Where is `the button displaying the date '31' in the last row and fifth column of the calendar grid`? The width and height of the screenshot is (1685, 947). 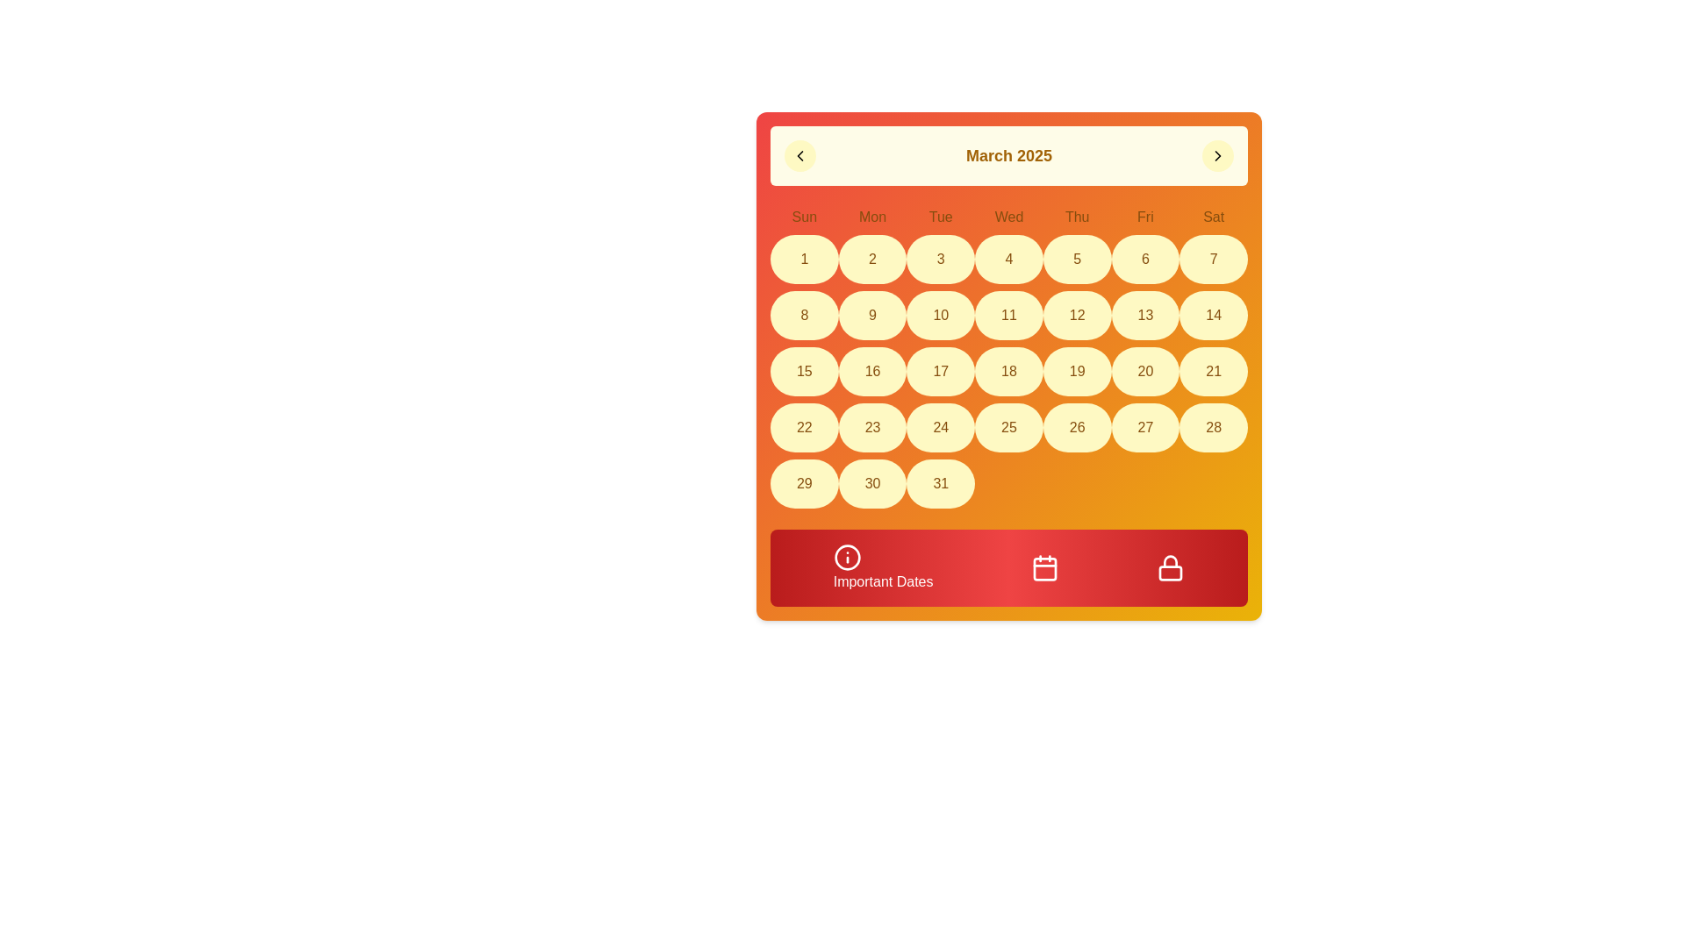
the button displaying the date '31' in the last row and fifth column of the calendar grid is located at coordinates (940, 483).